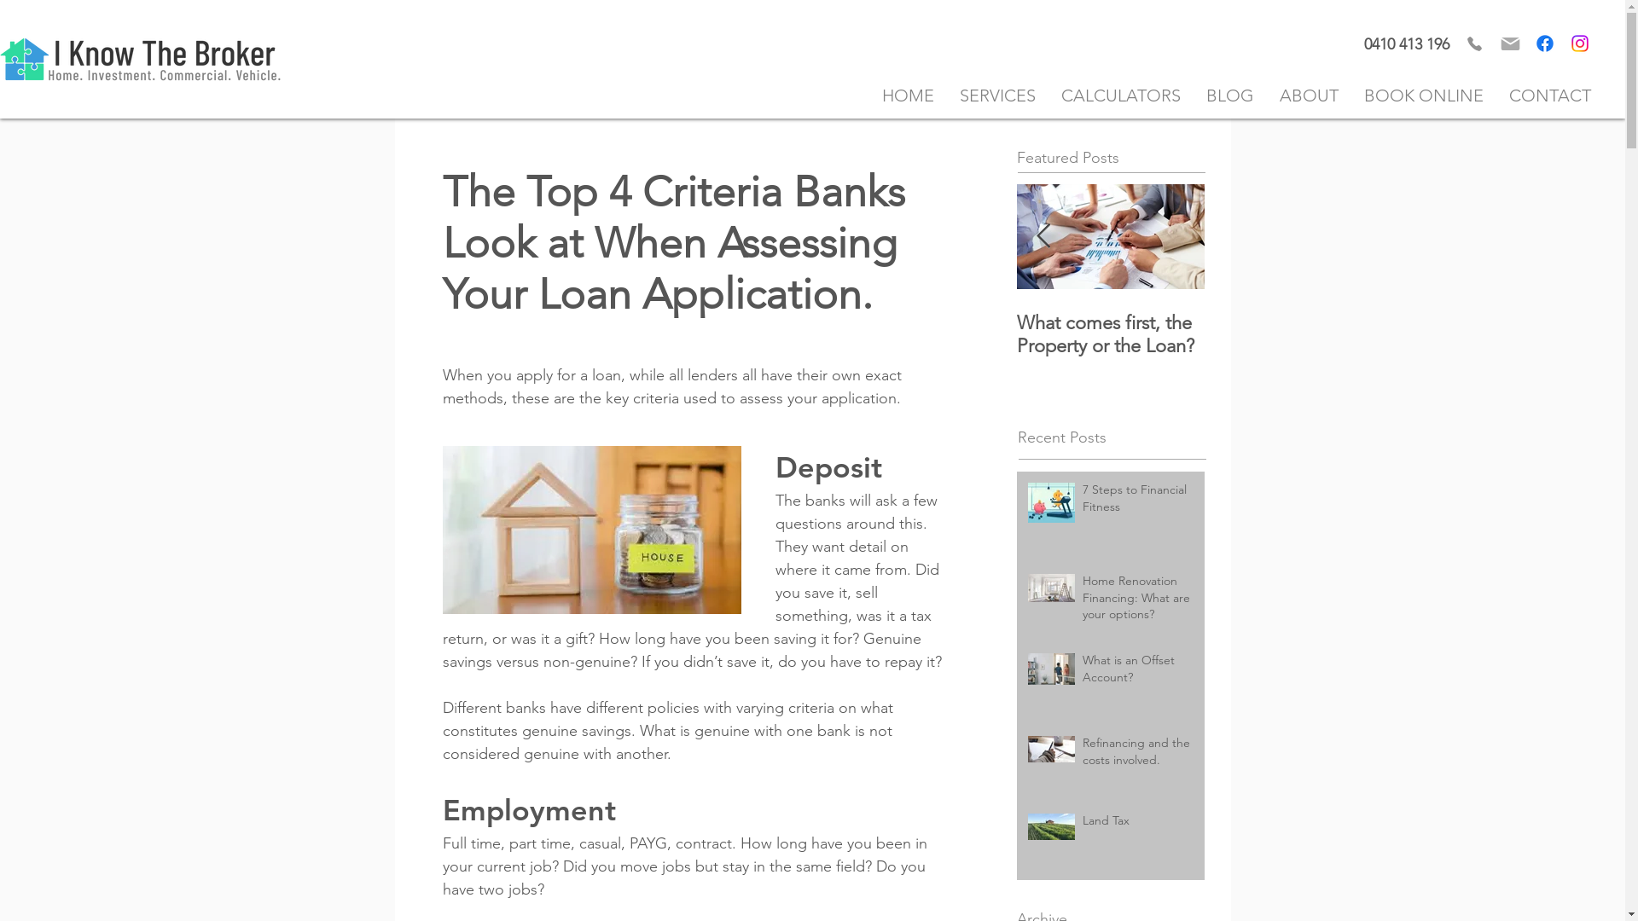 This screenshot has height=921, width=1638. Describe the element at coordinates (907, 95) in the screenshot. I see `'HOME'` at that location.